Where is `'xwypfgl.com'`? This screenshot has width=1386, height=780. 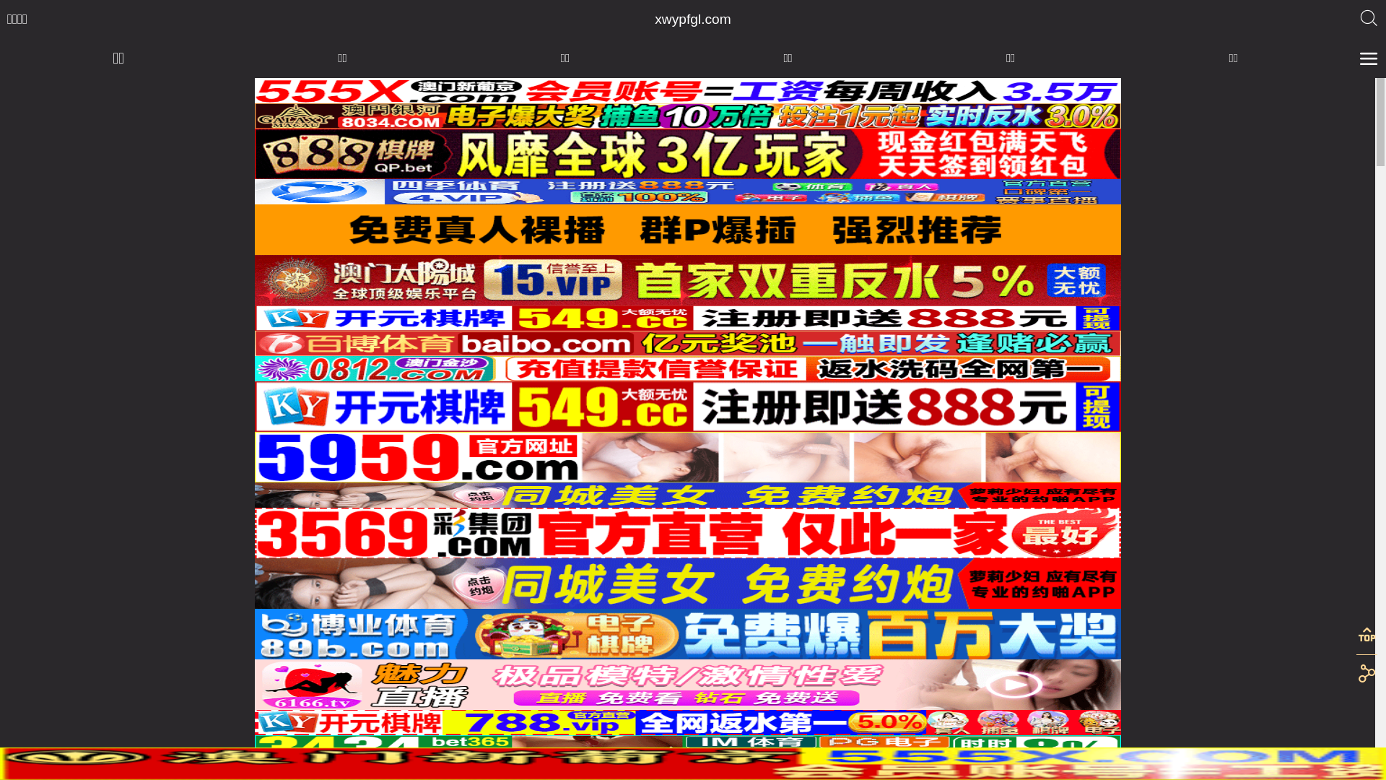 'xwypfgl.com' is located at coordinates (693, 19).